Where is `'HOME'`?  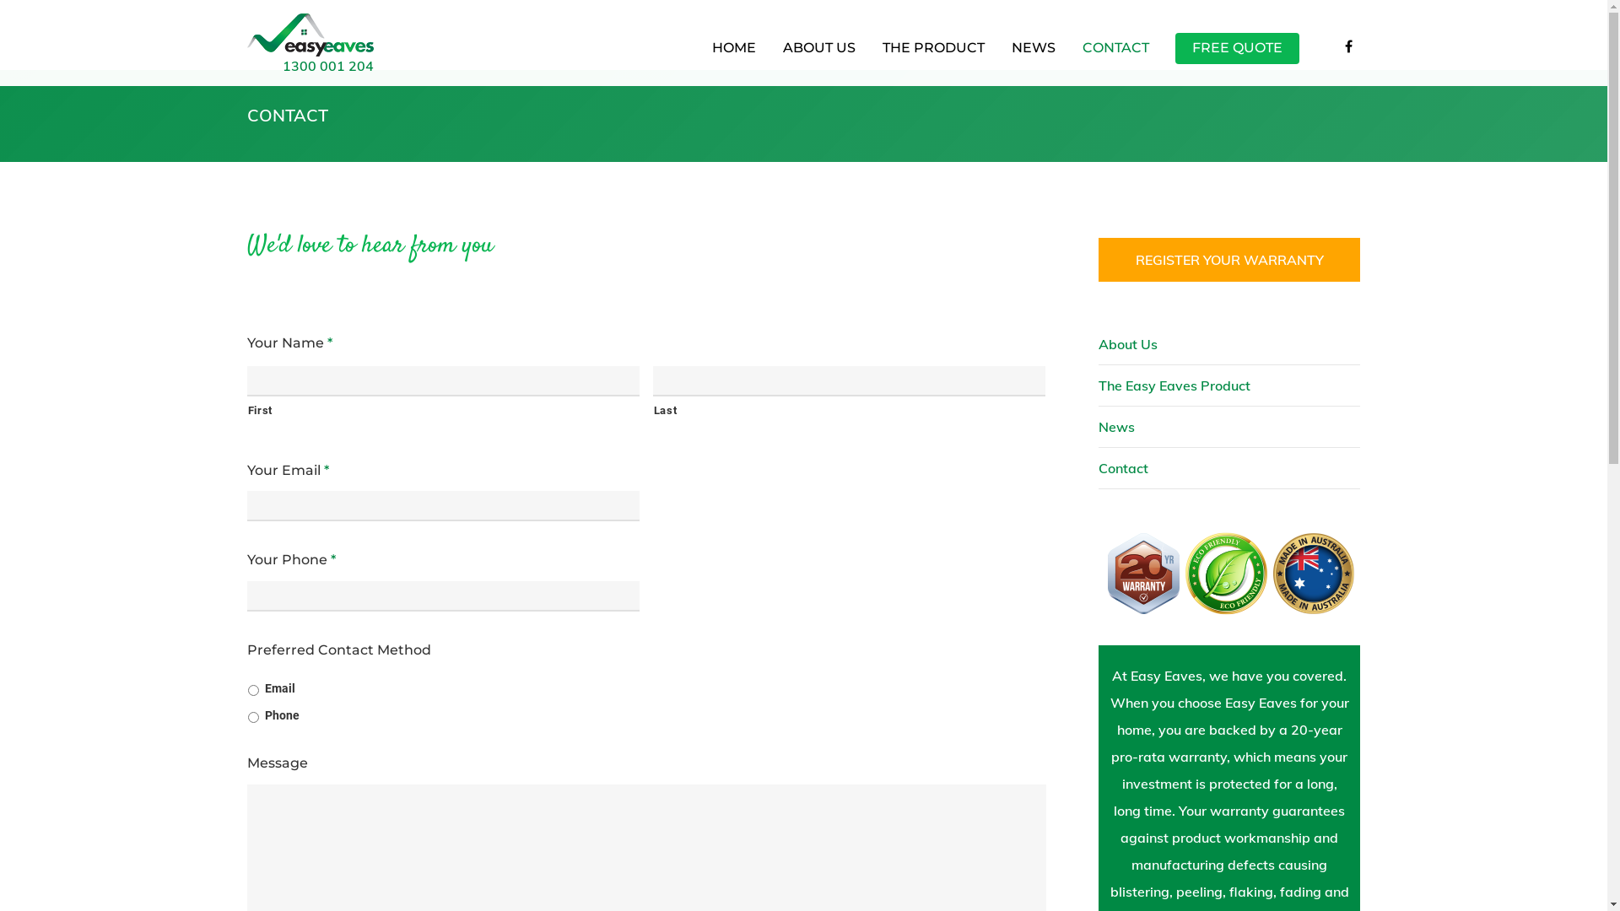 'HOME' is located at coordinates (699, 54).